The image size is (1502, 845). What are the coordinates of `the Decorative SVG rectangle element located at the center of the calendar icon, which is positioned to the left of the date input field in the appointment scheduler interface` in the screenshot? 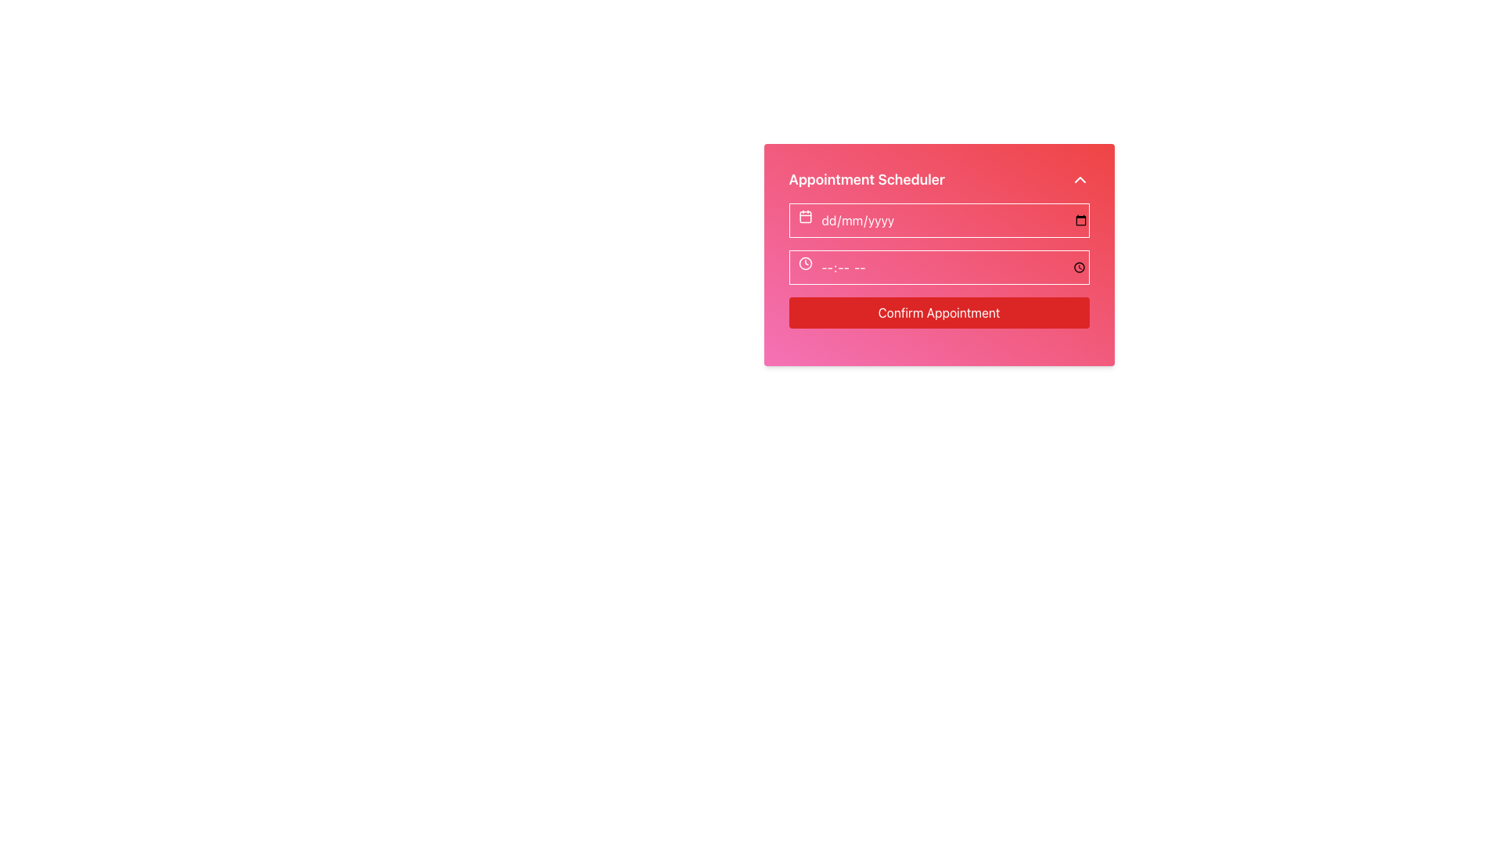 It's located at (805, 217).